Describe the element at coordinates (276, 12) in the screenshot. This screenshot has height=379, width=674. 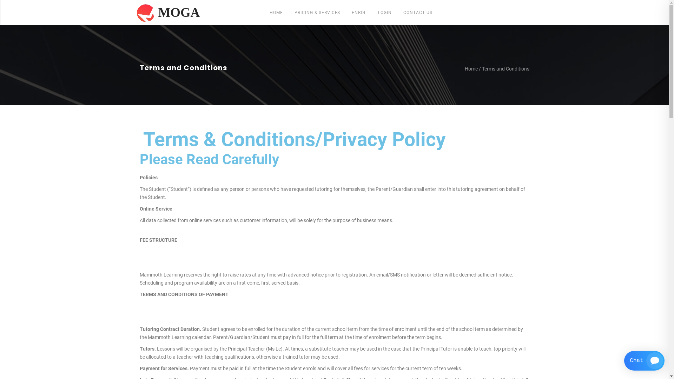
I see `'HOME'` at that location.